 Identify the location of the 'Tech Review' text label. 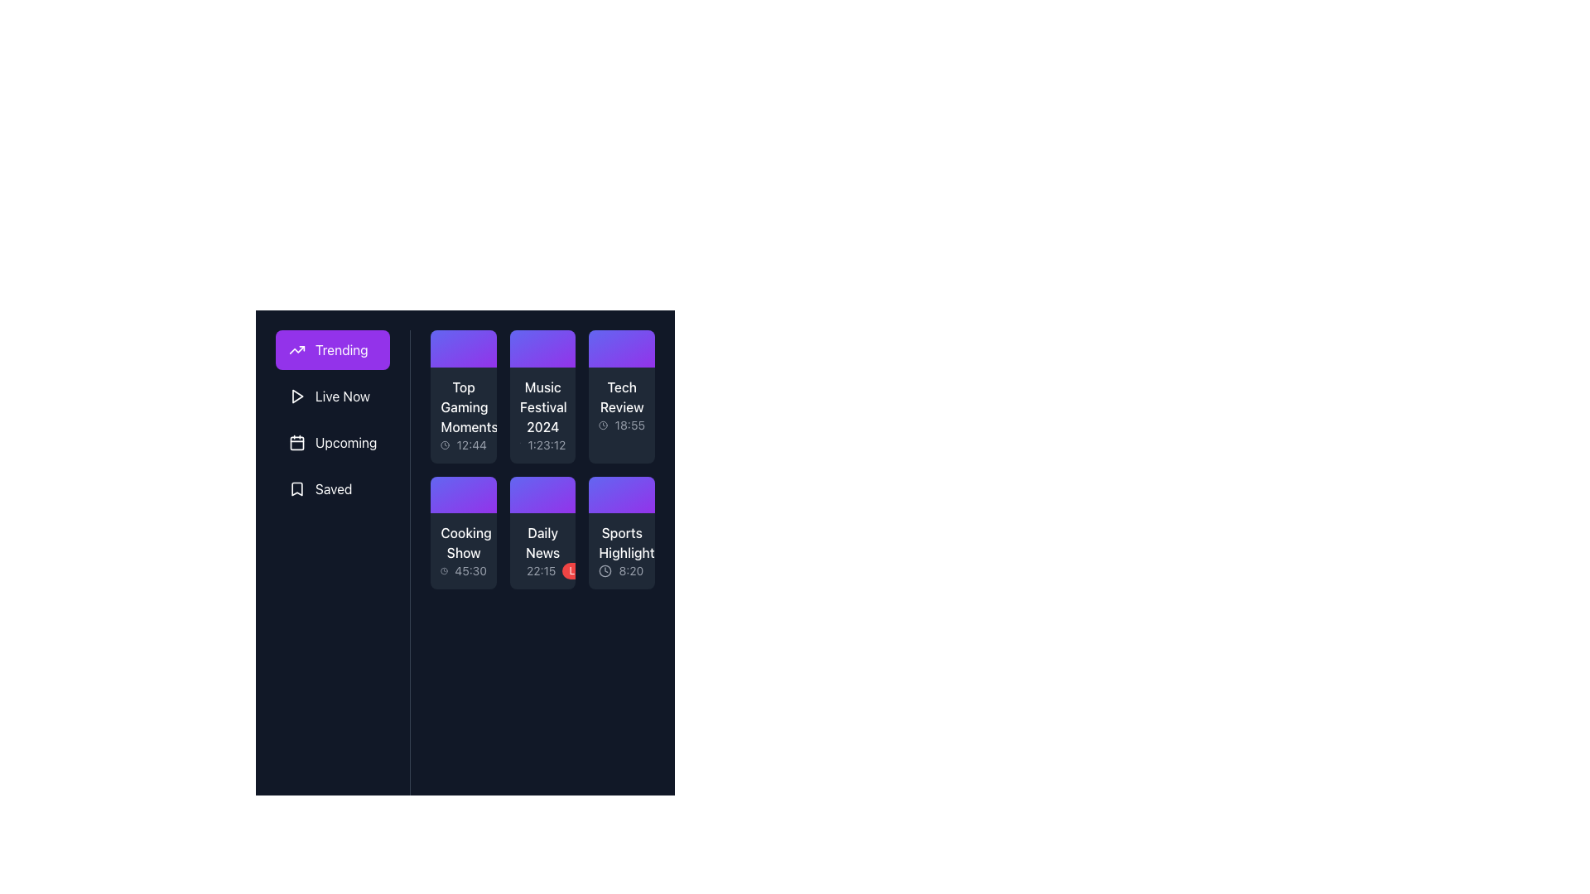
(621, 397).